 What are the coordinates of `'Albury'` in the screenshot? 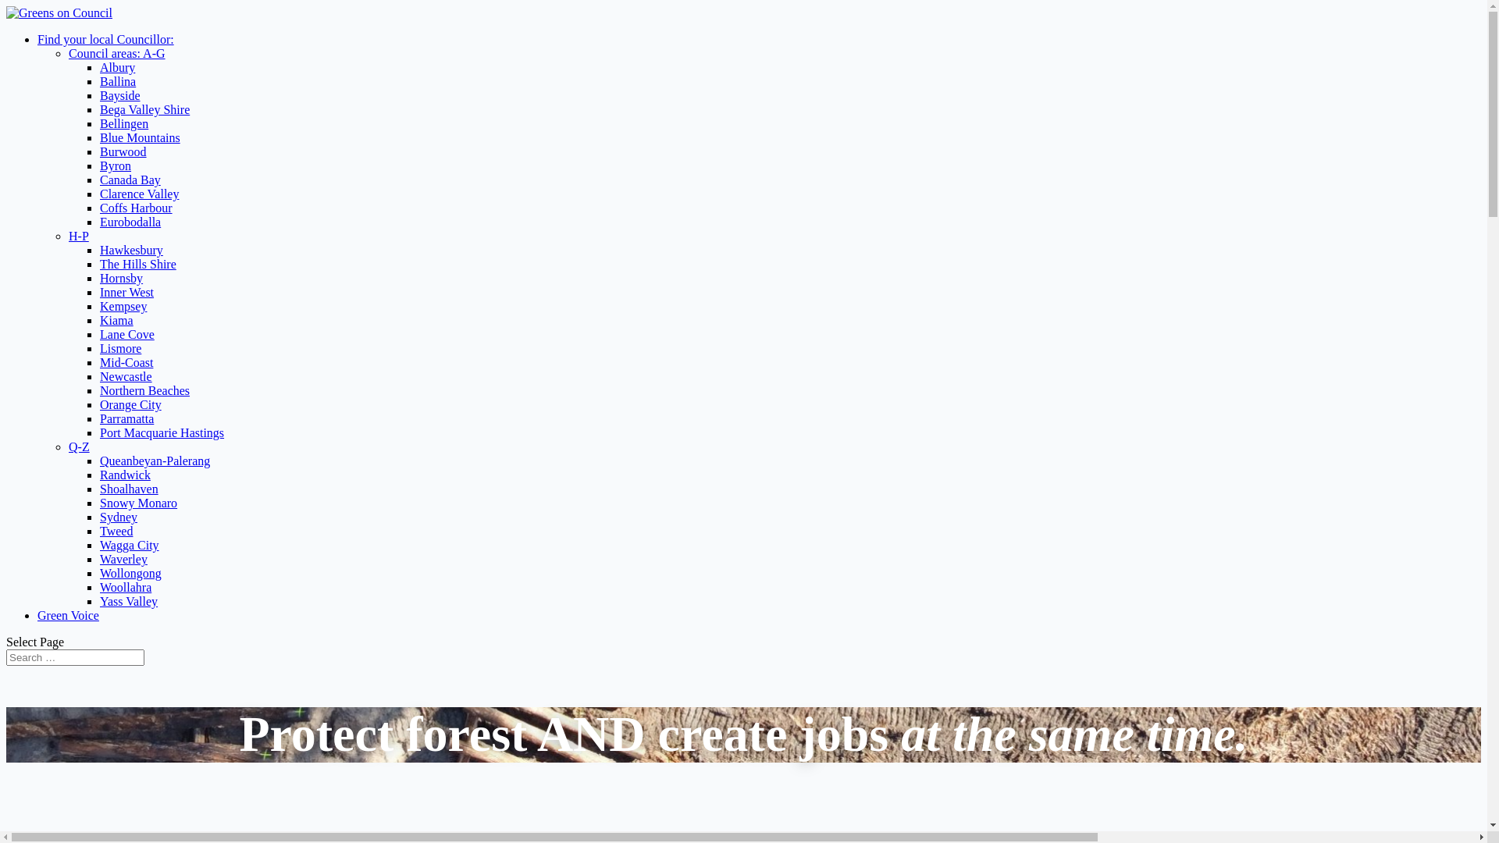 It's located at (116, 66).